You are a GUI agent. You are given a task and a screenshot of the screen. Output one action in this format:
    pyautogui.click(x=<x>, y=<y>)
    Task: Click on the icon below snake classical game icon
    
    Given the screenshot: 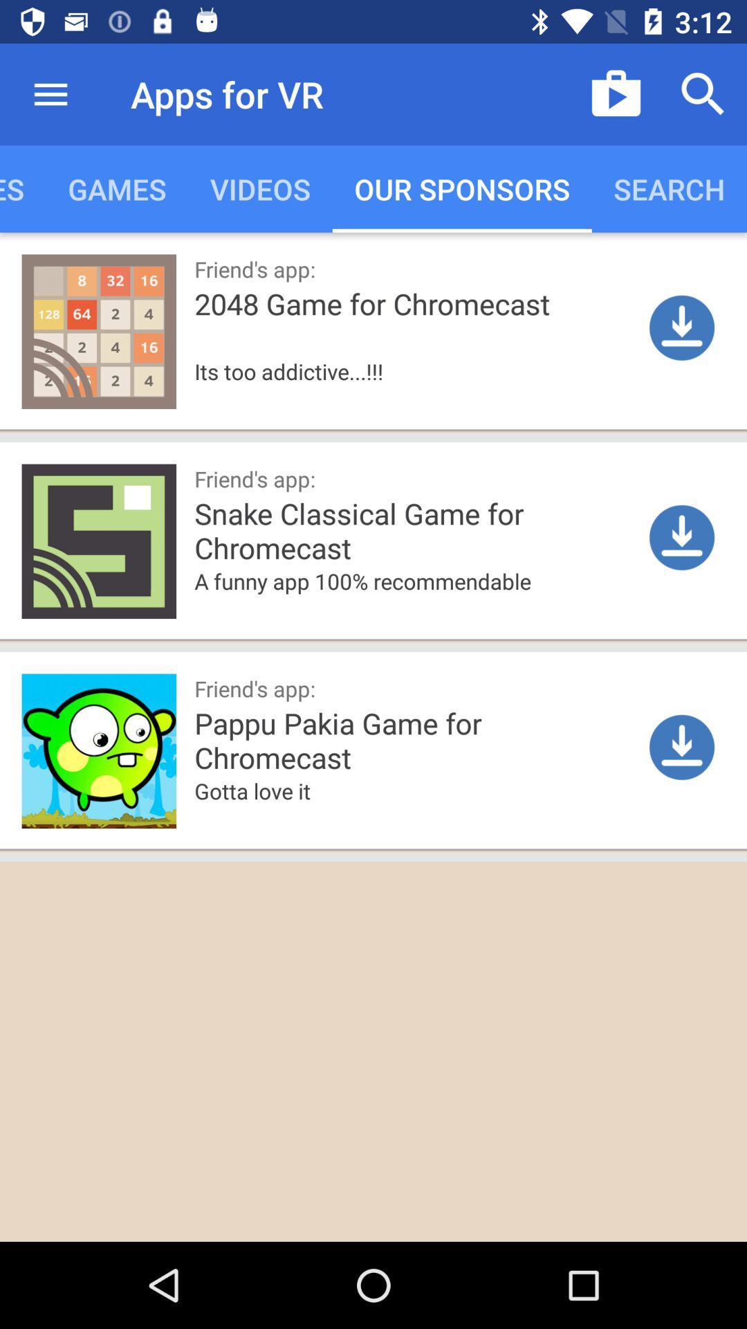 What is the action you would take?
    pyautogui.click(x=416, y=602)
    